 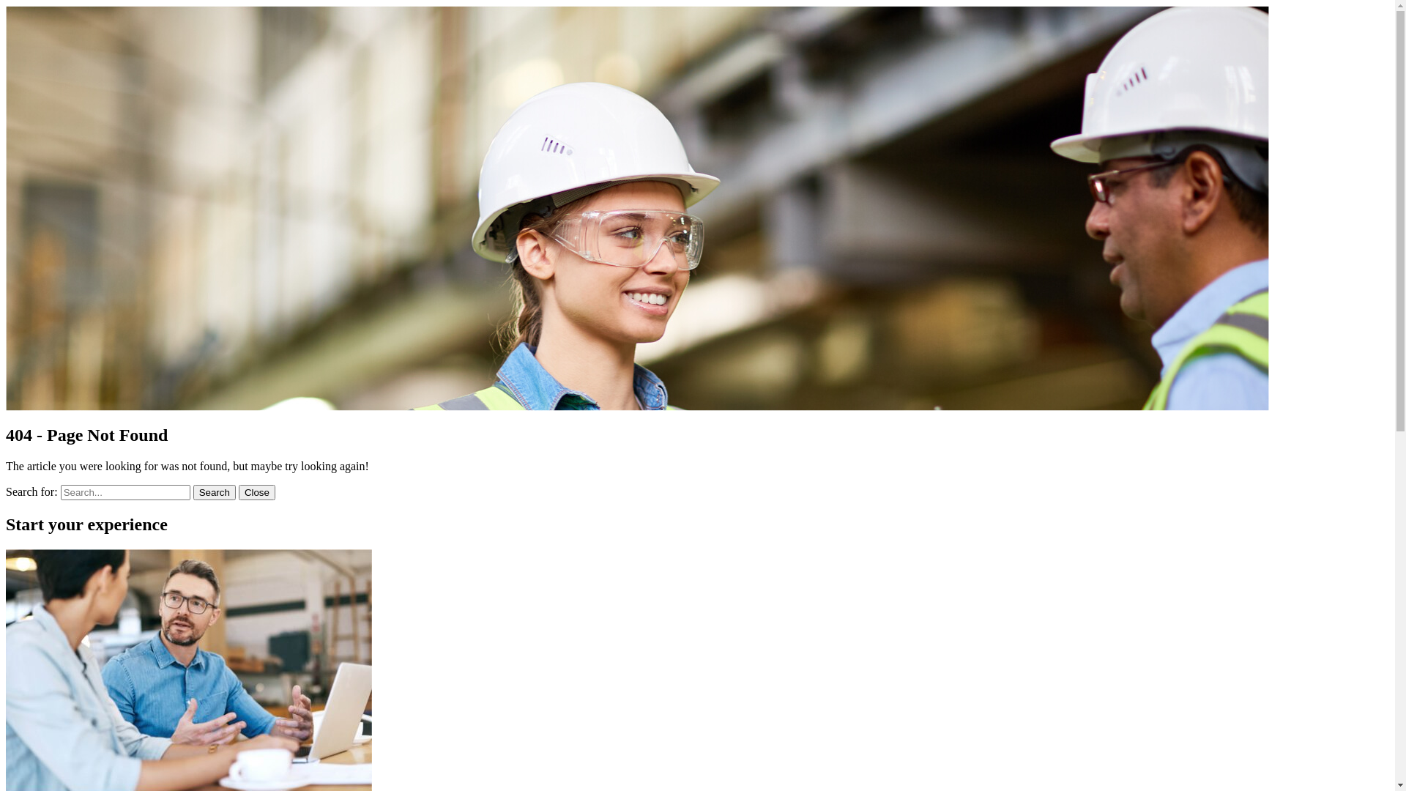 I want to click on 'Close', so click(x=256, y=492).